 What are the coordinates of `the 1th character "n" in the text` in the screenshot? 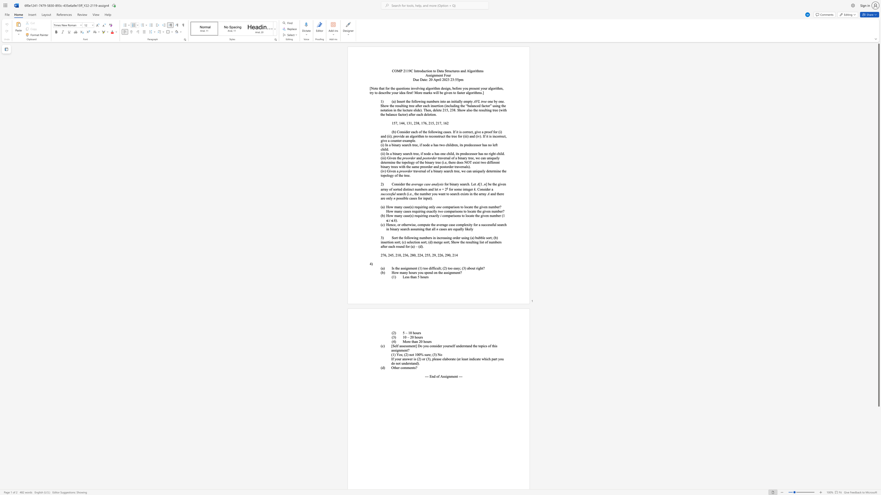 It's located at (409, 268).